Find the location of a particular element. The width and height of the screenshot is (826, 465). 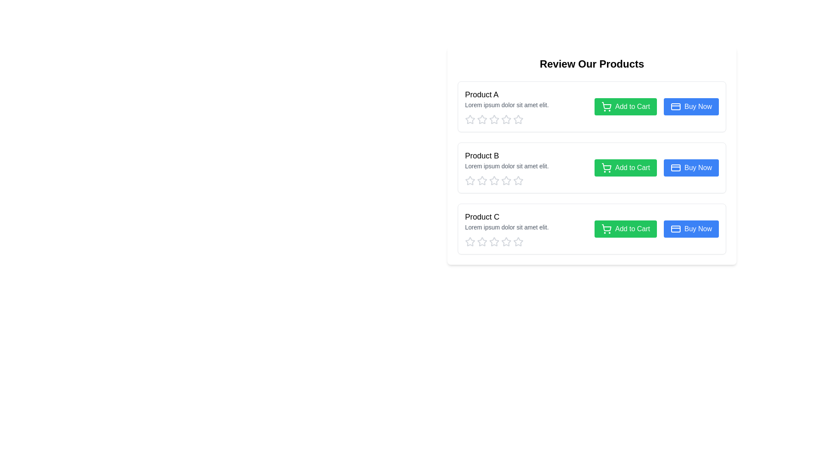

the first star icon in the rating system located under the 'Product C' section is located at coordinates (470, 242).